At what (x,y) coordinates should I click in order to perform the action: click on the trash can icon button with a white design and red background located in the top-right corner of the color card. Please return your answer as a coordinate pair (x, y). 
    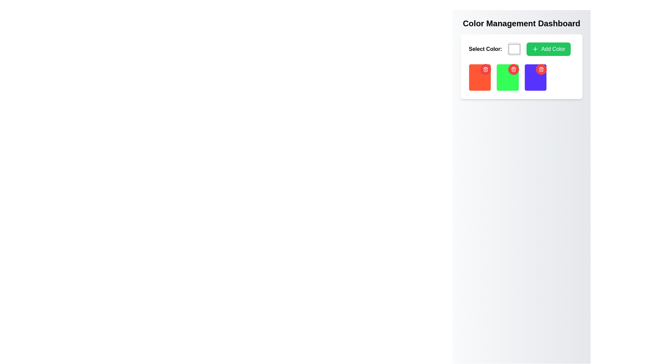
    Looking at the image, I should click on (513, 69).